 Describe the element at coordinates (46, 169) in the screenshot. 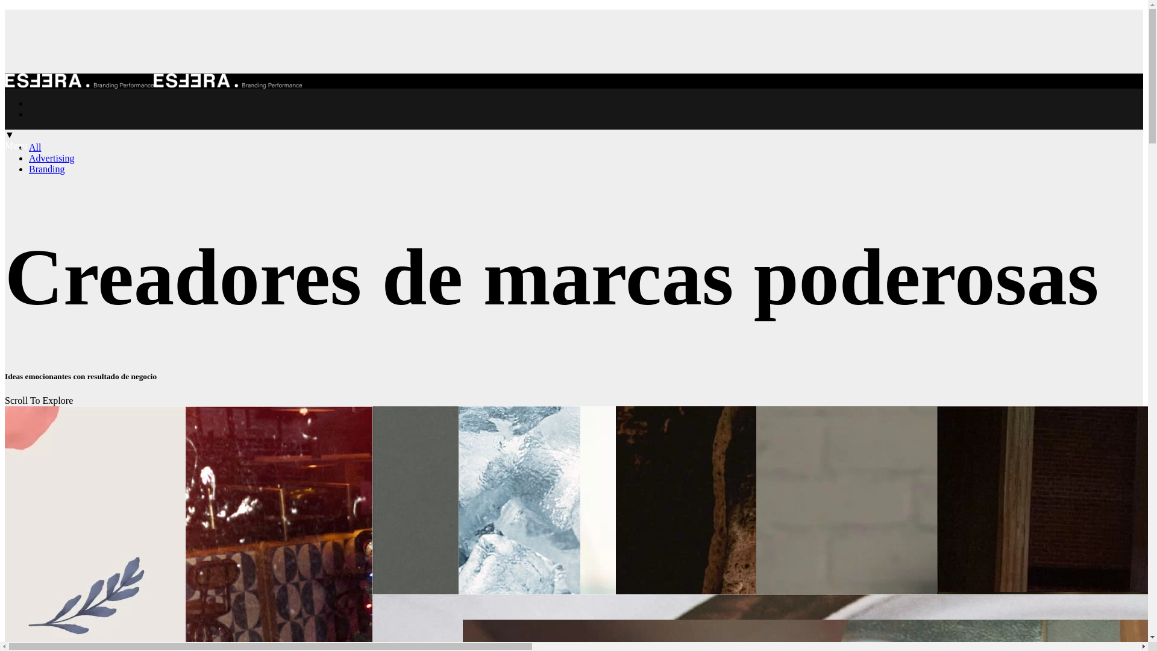

I see `'Branding'` at that location.